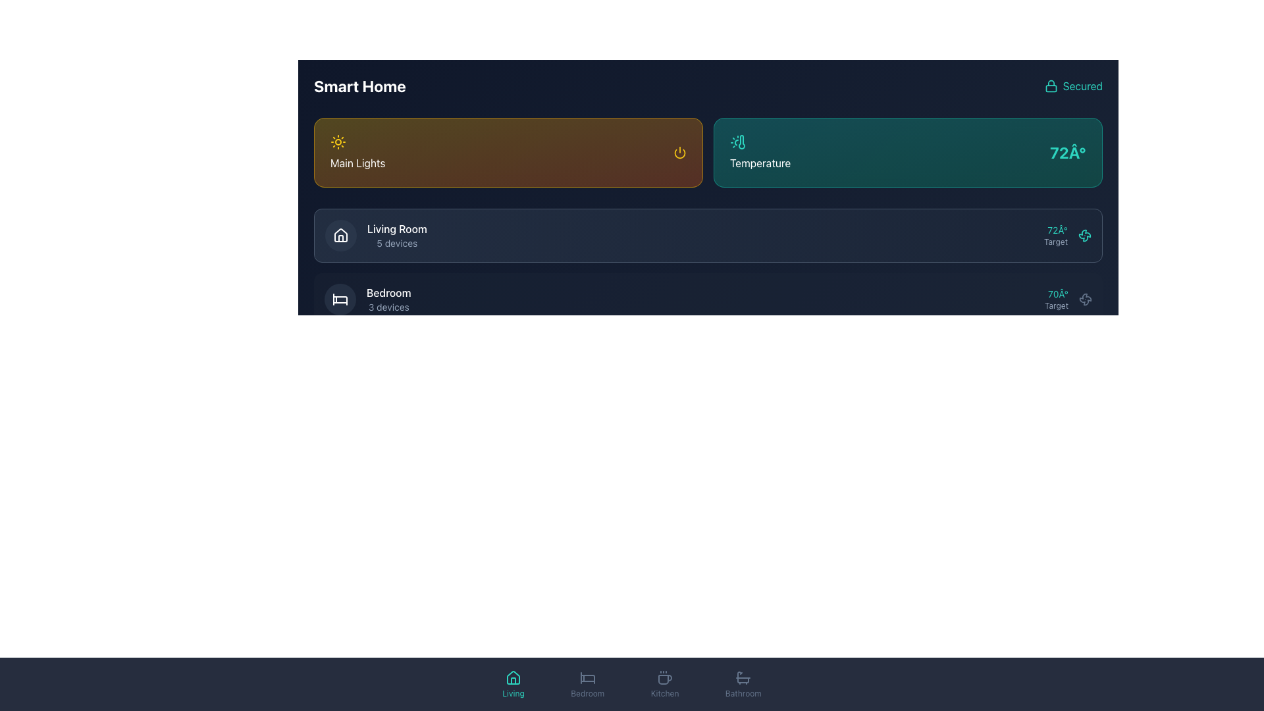  Describe the element at coordinates (1086, 426) in the screenshot. I see `the circular fan icon, which is colored in slate gray and located next to the '74° Target' text` at that location.